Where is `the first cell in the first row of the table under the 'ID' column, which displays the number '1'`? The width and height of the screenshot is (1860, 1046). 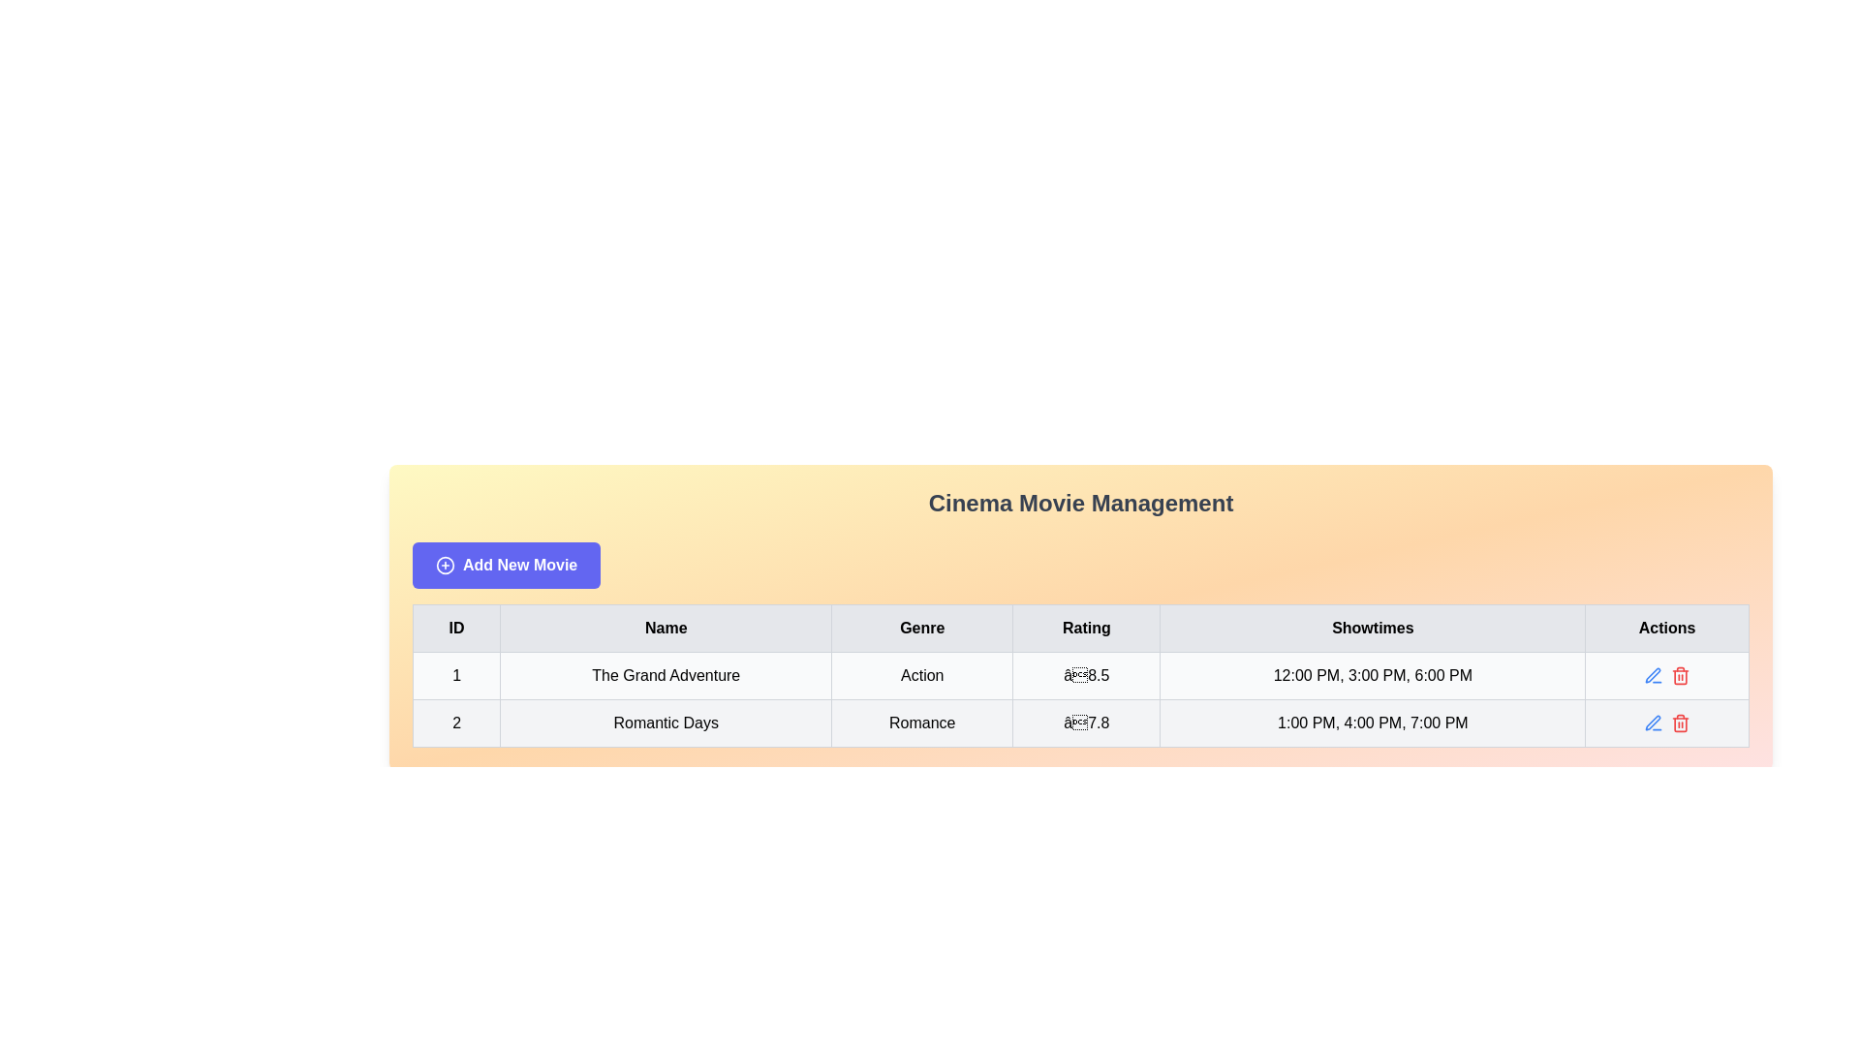 the first cell in the first row of the table under the 'ID' column, which displays the number '1' is located at coordinates (455, 675).